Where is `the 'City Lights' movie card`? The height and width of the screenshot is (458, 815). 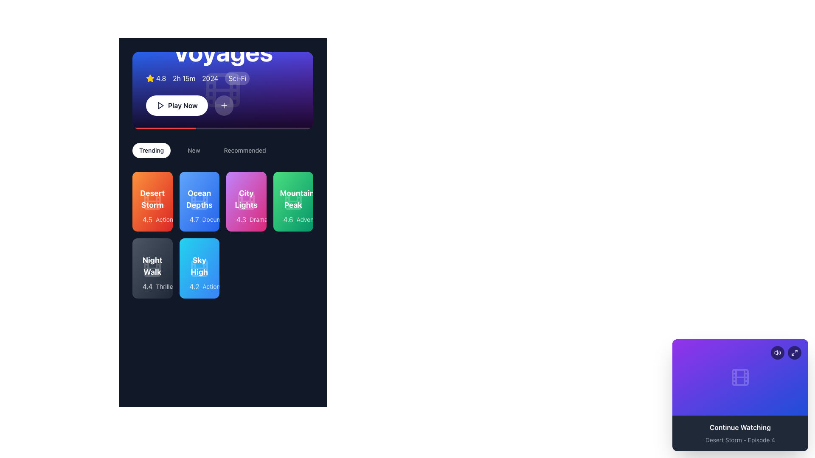 the 'City Lights' movie card is located at coordinates (246, 201).